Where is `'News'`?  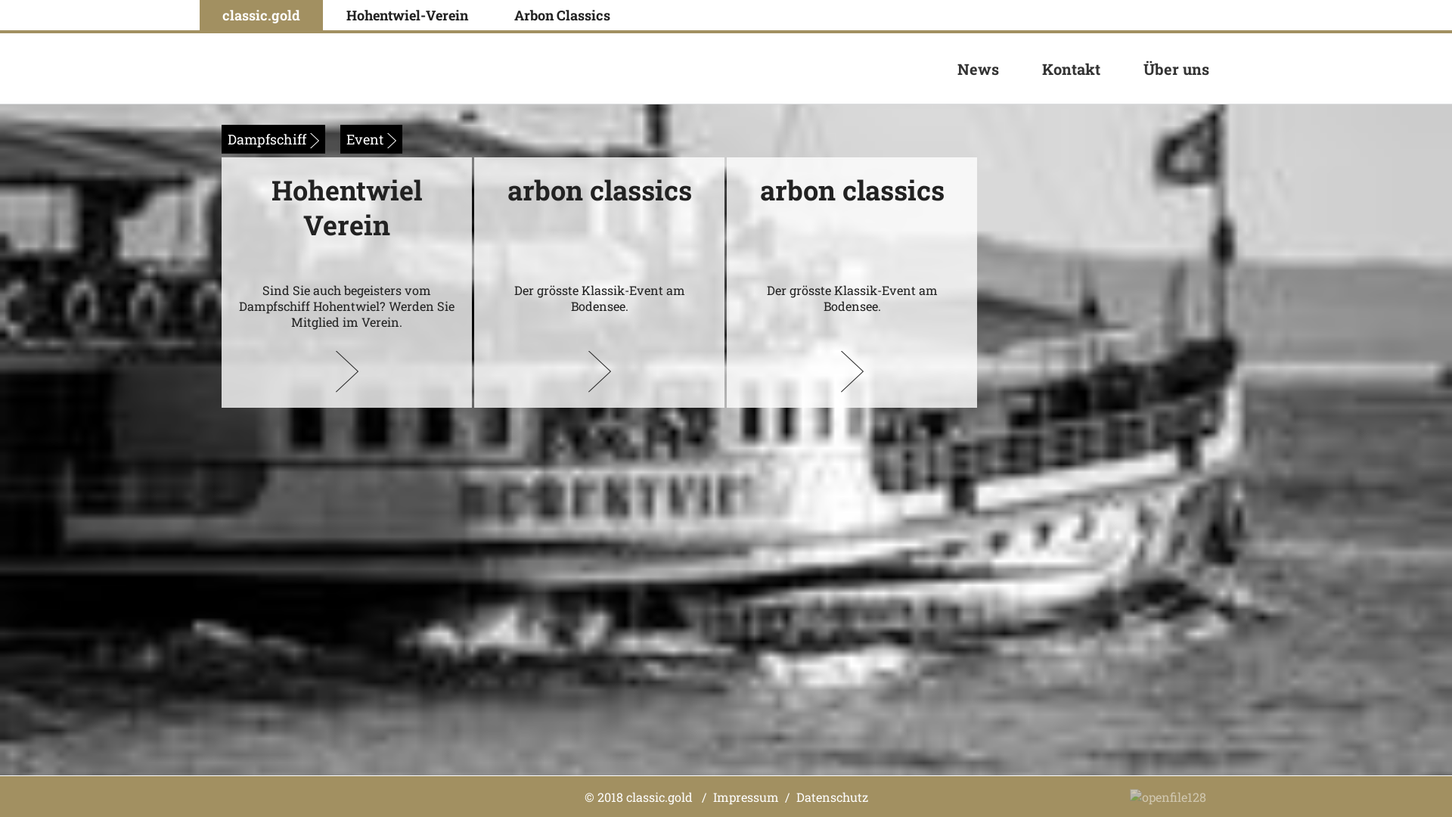
'News' is located at coordinates (978, 68).